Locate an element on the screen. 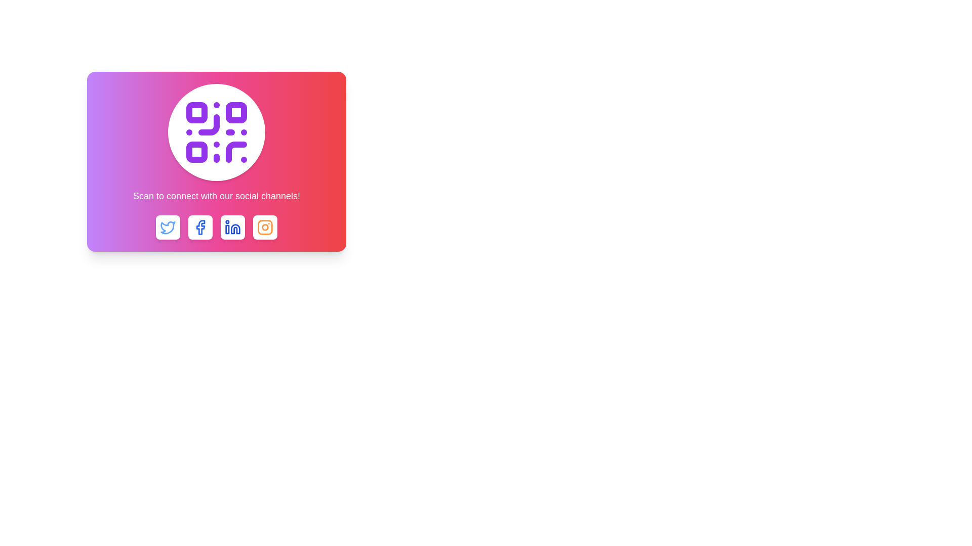  the circular button with a white background and a blue Twitter logo, which is the leftmost social media button in a row beneath the QR code section, for tooltip or interaction feedback is located at coordinates (168, 227).